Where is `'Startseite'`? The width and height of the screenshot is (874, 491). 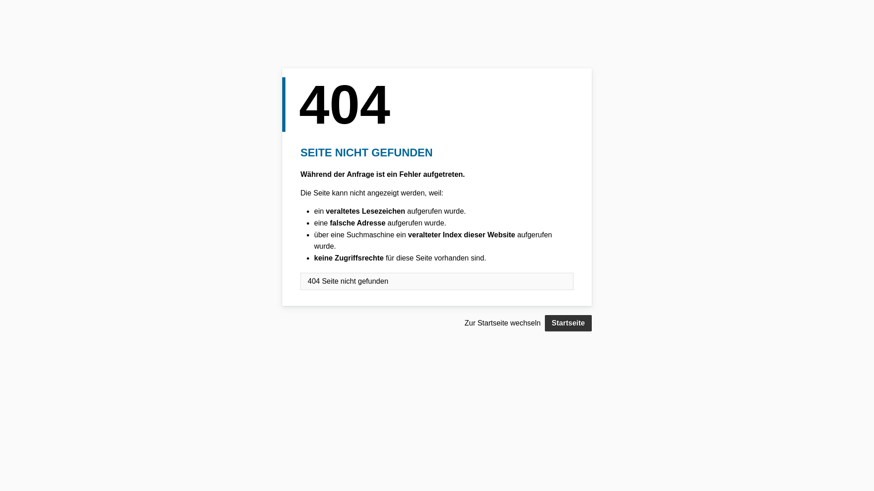
'Startseite' is located at coordinates (544, 322).